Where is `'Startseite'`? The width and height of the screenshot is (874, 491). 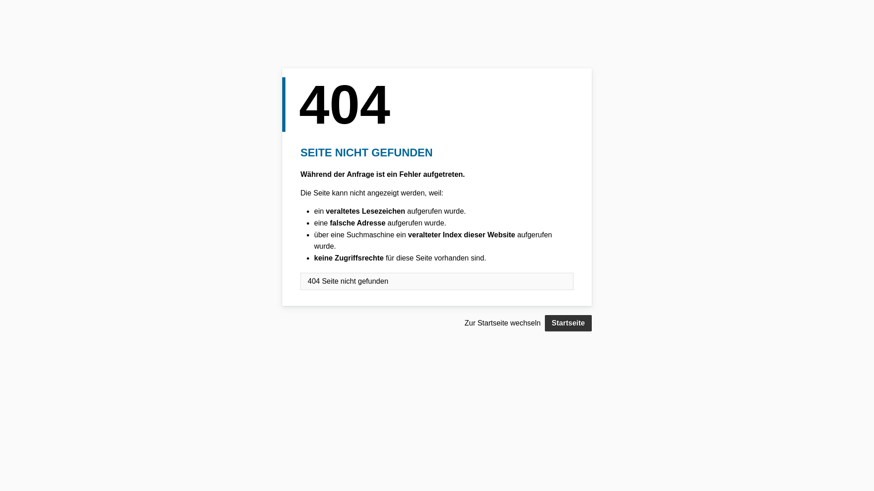
'Startseite' is located at coordinates (544, 322).